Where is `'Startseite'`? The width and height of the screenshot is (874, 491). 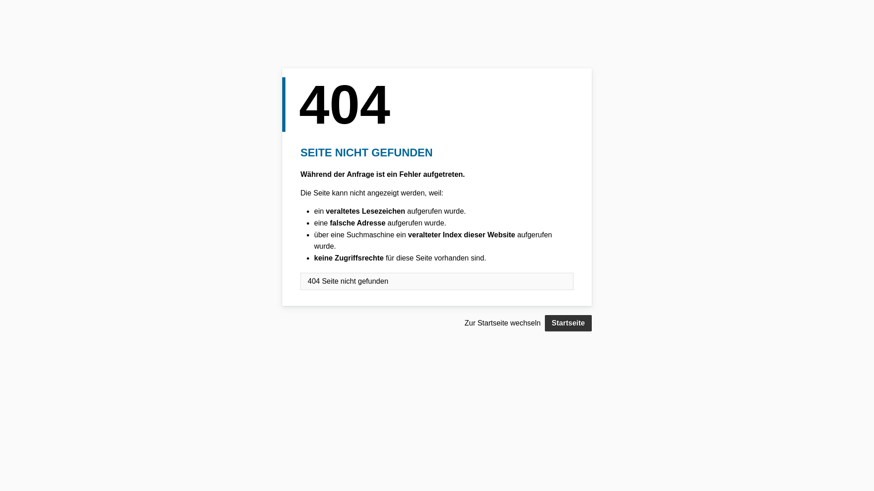
'Startseite' is located at coordinates (544, 322).